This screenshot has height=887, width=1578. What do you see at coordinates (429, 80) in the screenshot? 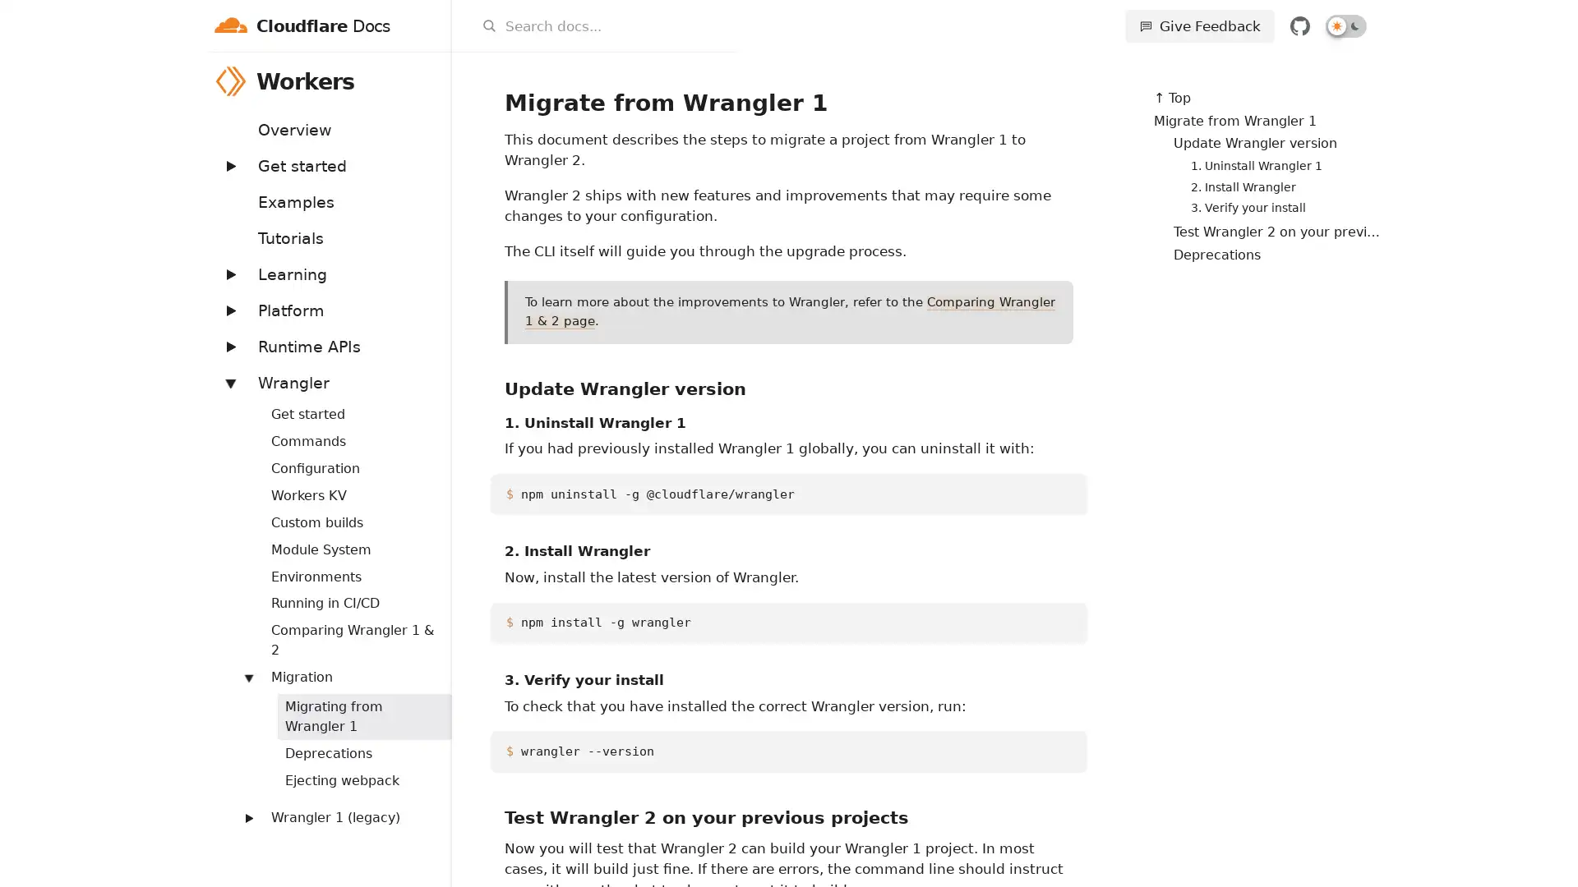
I see `Workers menu` at bounding box center [429, 80].